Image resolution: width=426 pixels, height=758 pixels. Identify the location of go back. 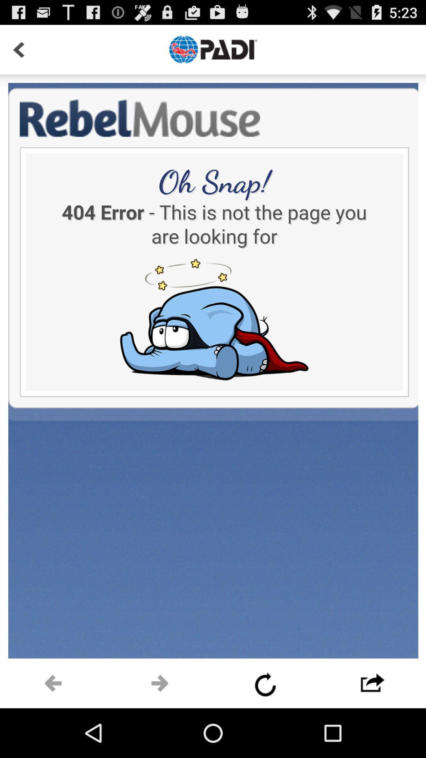
(18, 49).